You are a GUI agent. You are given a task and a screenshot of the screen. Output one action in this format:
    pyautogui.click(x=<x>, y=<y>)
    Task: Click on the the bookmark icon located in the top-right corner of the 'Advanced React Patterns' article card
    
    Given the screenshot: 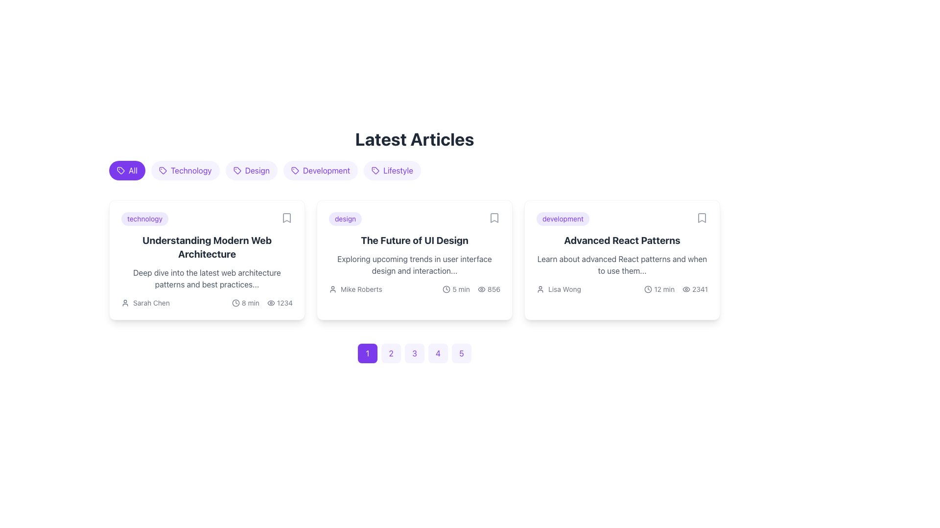 What is the action you would take?
    pyautogui.click(x=702, y=218)
    